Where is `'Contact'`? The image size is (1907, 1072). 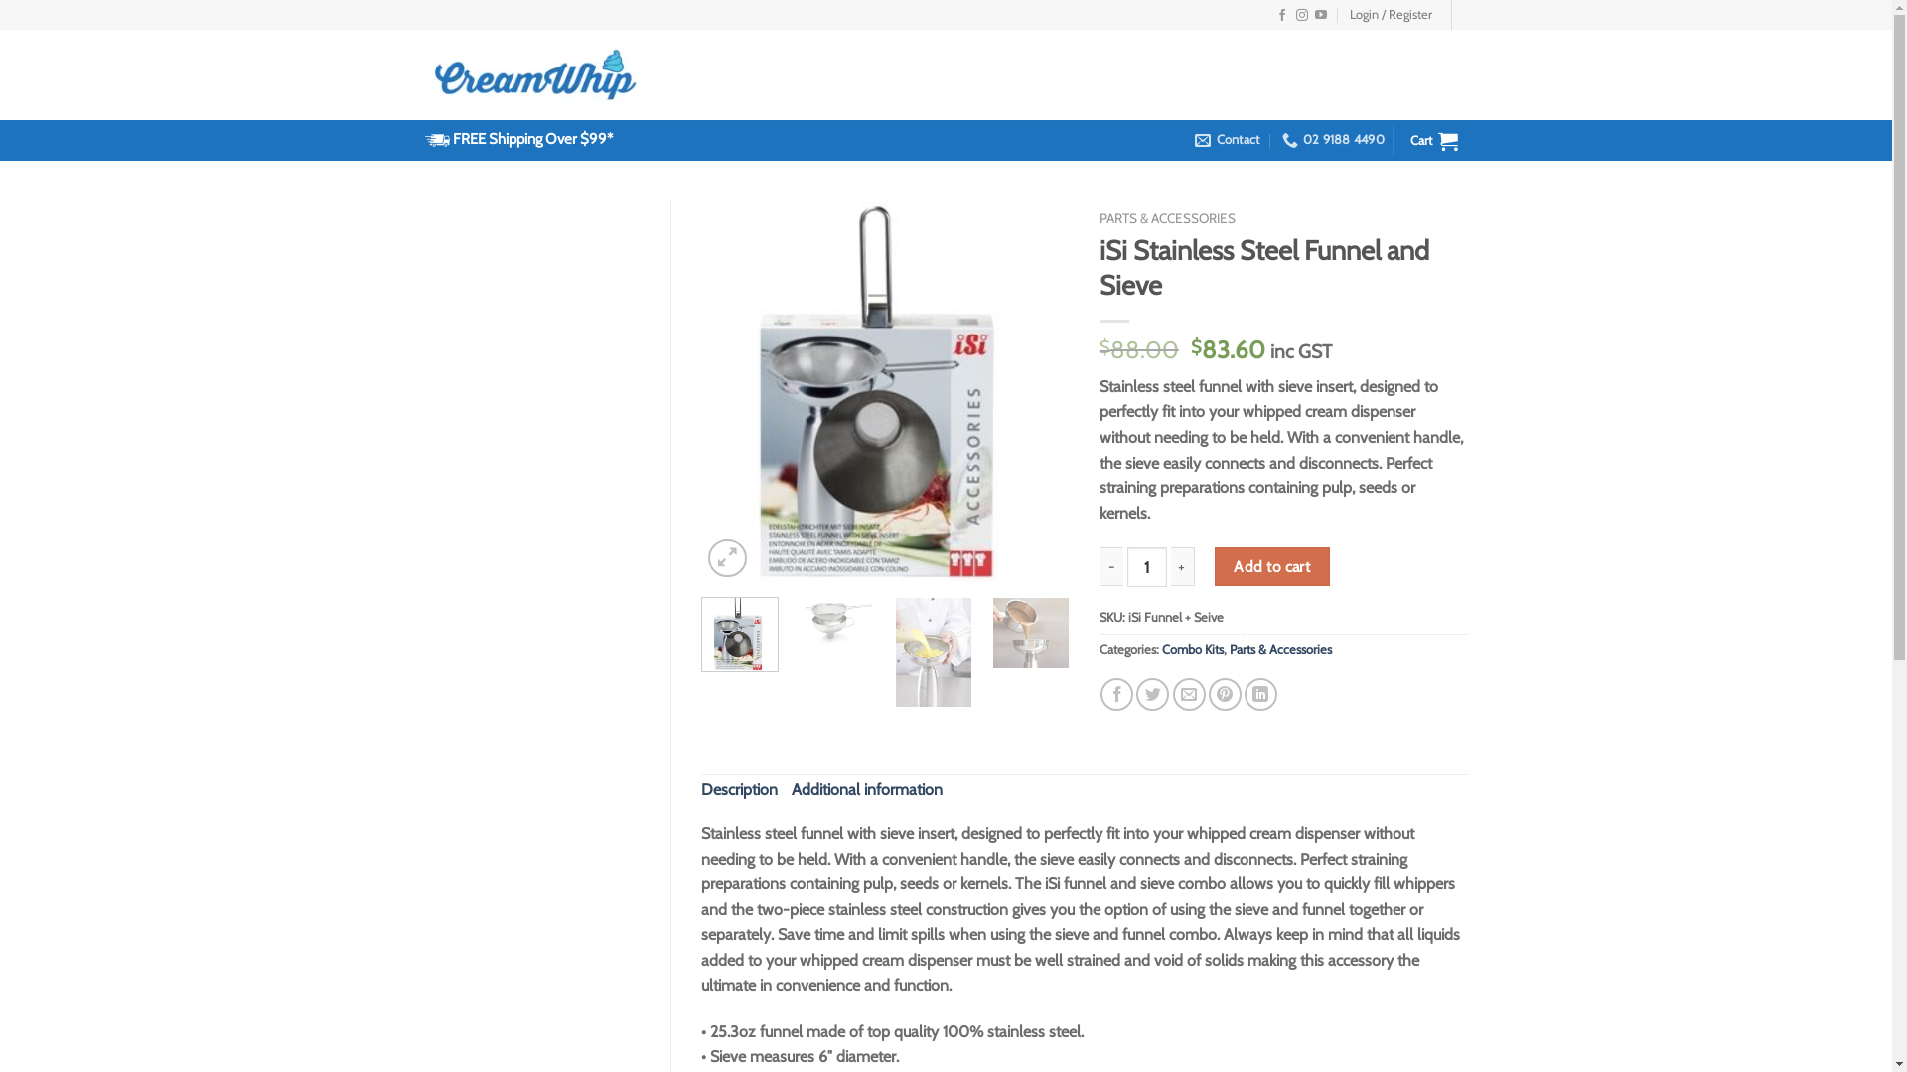
'Contact' is located at coordinates (1226, 139).